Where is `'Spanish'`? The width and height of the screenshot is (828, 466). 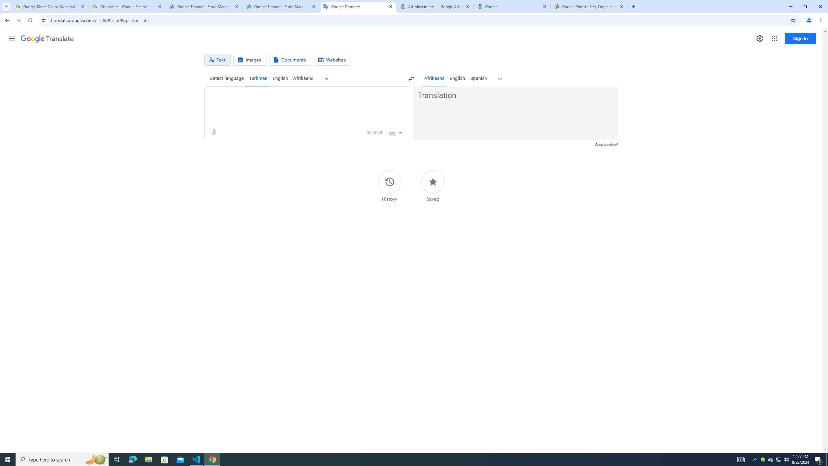
'Spanish' is located at coordinates (478, 78).